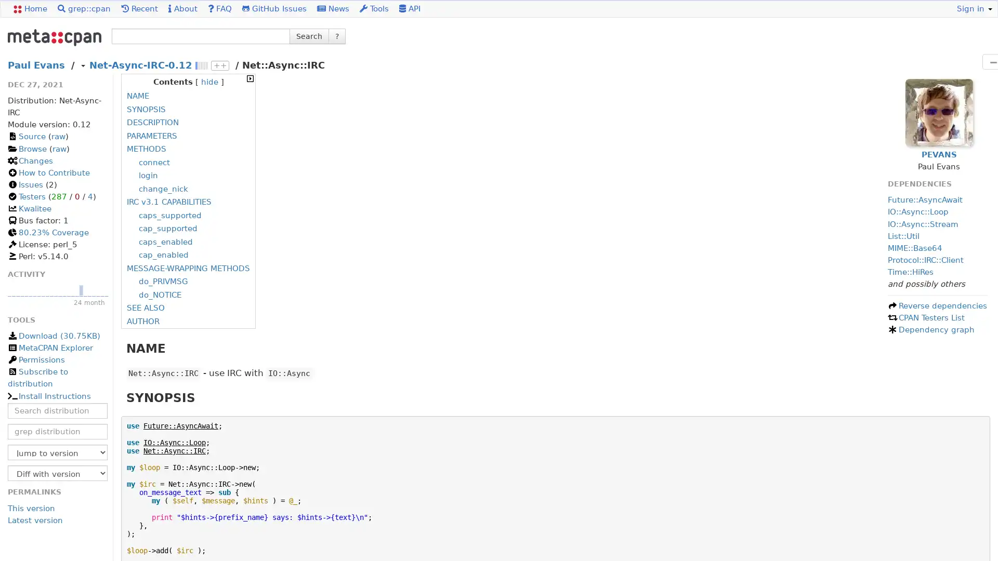 The width and height of the screenshot is (998, 561). I want to click on hide, so click(208, 82).